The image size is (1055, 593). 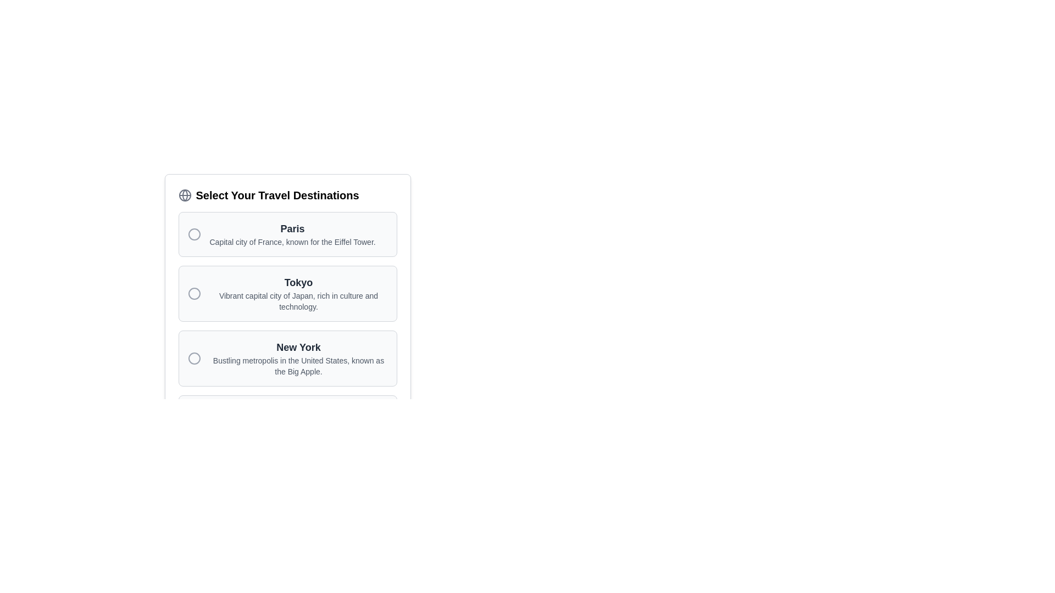 What do you see at coordinates (194, 358) in the screenshot?
I see `the 'New York' radio button in the 'Select Your Travel Destinations' section` at bounding box center [194, 358].